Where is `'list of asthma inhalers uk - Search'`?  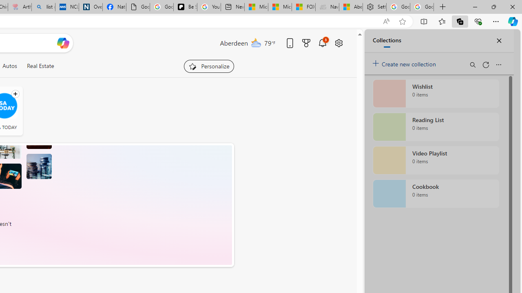
'list of asthma inhalers uk - Search' is located at coordinates (43, 7).